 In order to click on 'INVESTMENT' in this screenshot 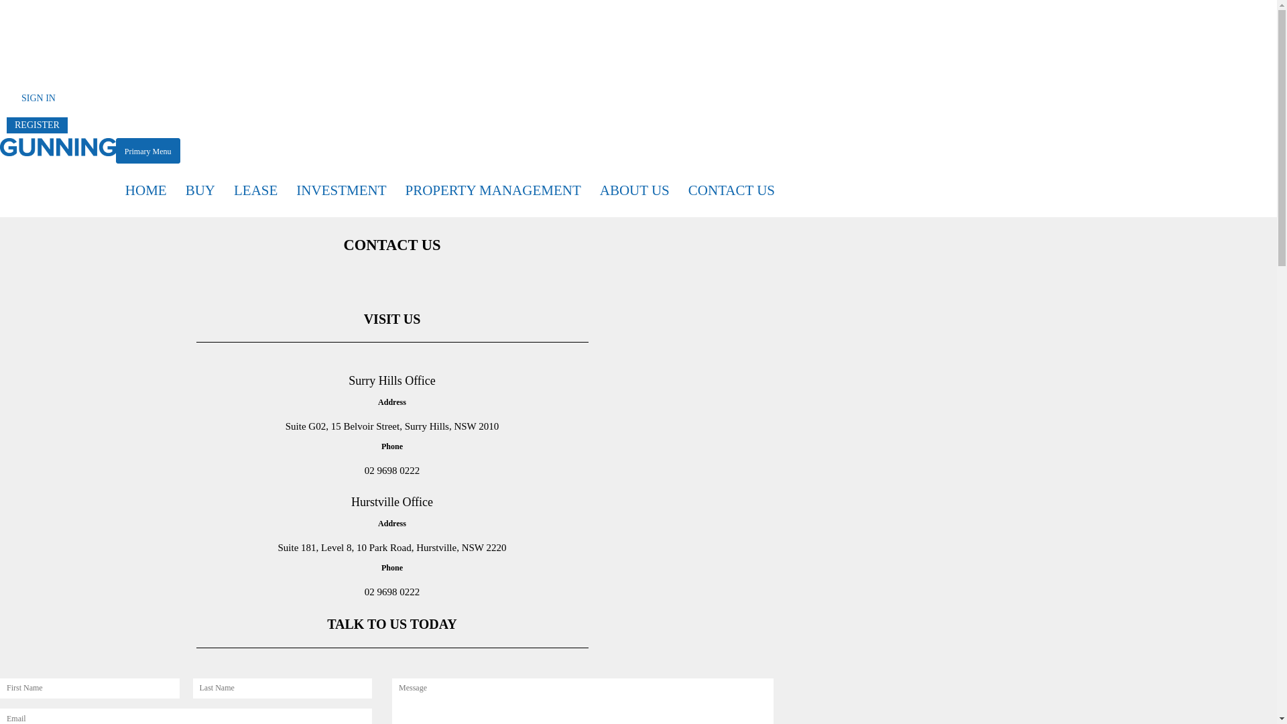, I will do `click(341, 190)`.